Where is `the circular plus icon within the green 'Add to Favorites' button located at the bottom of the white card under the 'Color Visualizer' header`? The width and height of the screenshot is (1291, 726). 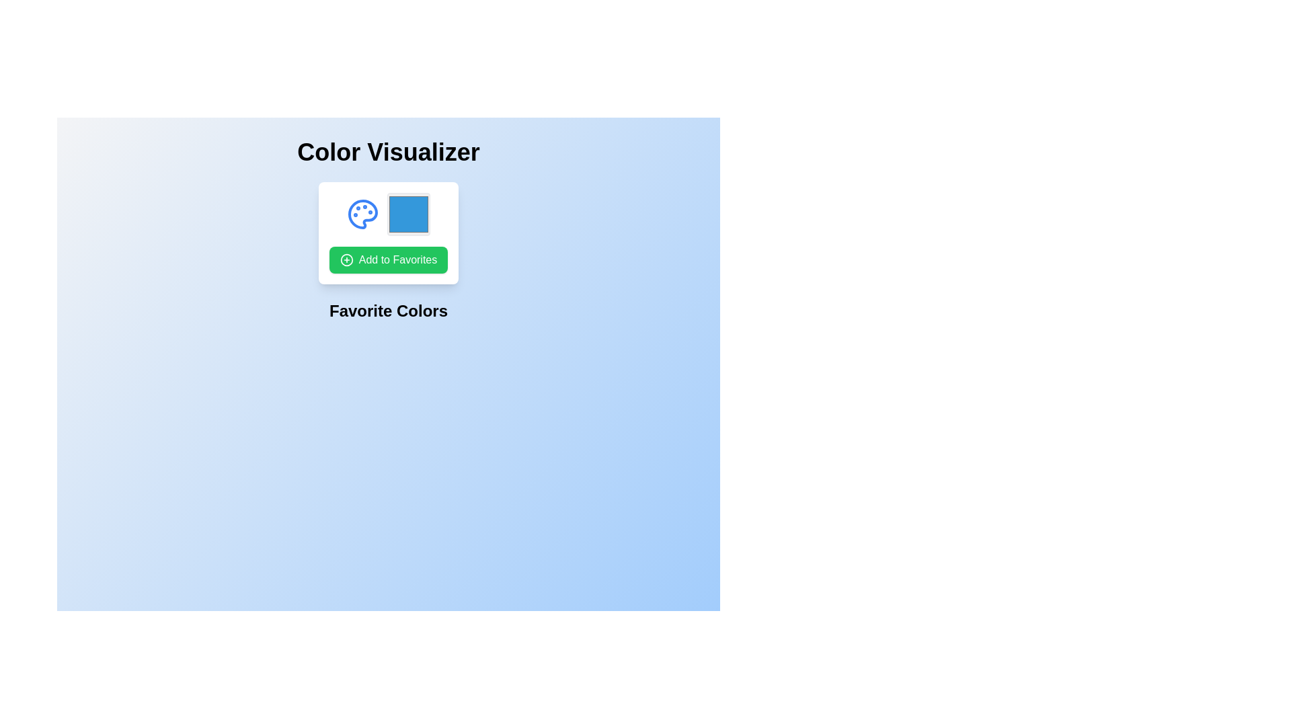 the circular plus icon within the green 'Add to Favorites' button located at the bottom of the white card under the 'Color Visualizer' header is located at coordinates (346, 259).